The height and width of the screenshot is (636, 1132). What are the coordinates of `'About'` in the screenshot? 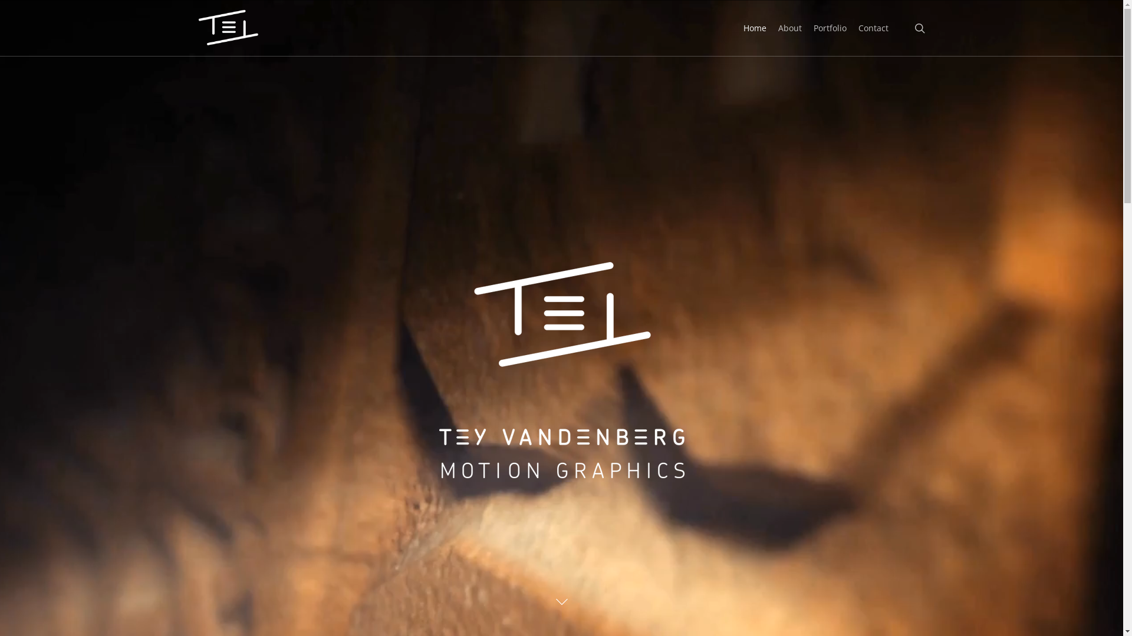 It's located at (789, 27).